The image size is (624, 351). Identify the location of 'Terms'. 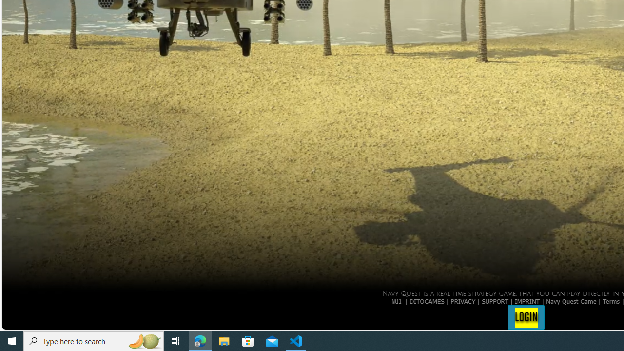
(611, 300).